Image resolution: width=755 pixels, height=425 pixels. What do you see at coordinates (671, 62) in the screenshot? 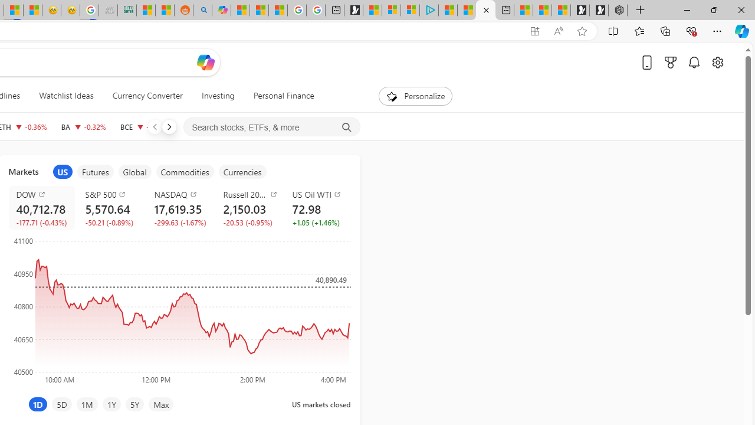
I see `'Microsoft rewards'` at bounding box center [671, 62].